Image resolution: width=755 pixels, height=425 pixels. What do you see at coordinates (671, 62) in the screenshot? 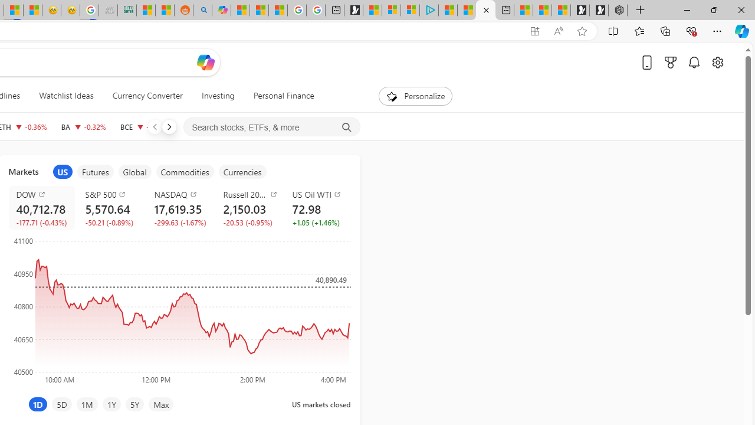
I see `'Microsoft rewards'` at bounding box center [671, 62].